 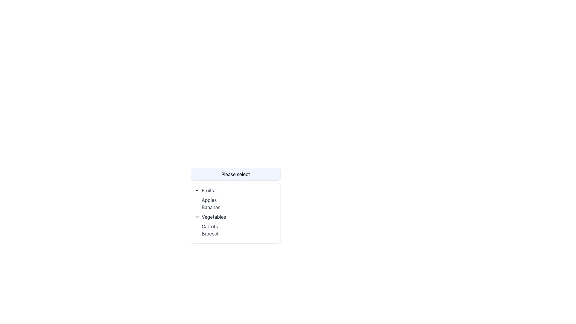 What do you see at coordinates (210, 233) in the screenshot?
I see `the 'Broccoli' text label in the dropdown list by clicking it` at bounding box center [210, 233].